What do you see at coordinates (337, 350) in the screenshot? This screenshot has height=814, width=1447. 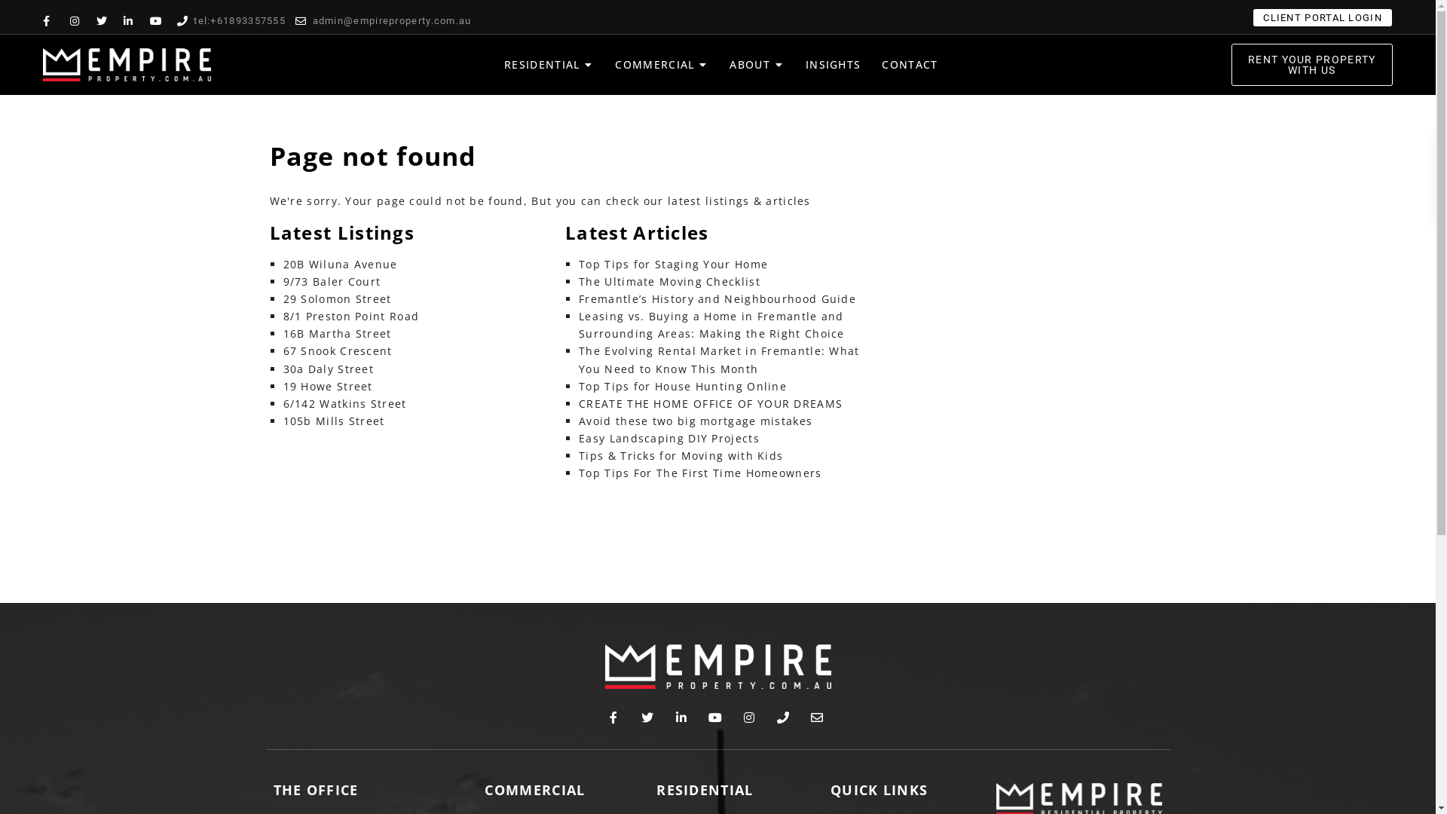 I see `'67 Snook Crescent'` at bounding box center [337, 350].